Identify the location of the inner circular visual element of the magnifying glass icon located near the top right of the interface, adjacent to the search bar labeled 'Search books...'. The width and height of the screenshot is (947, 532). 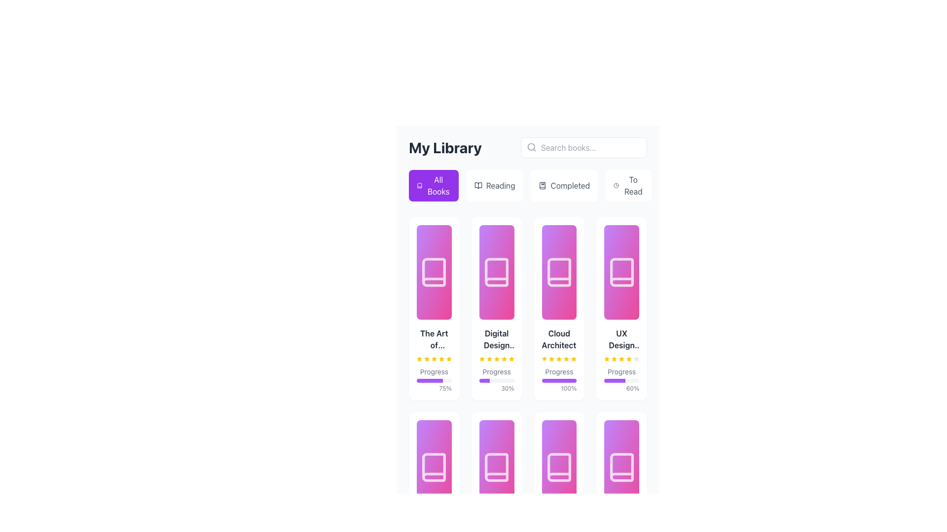
(531, 147).